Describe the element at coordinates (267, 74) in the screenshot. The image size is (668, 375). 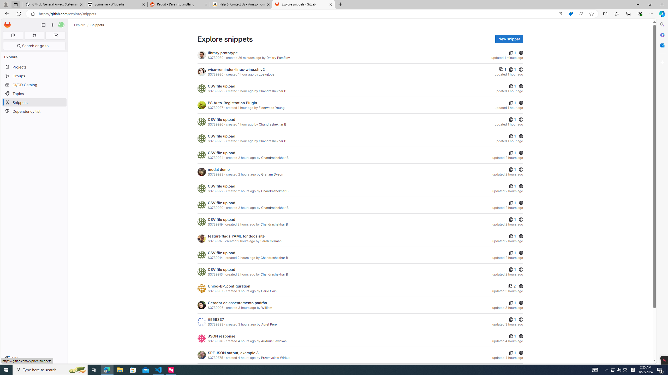
I see `'zoeyglobe'` at that location.